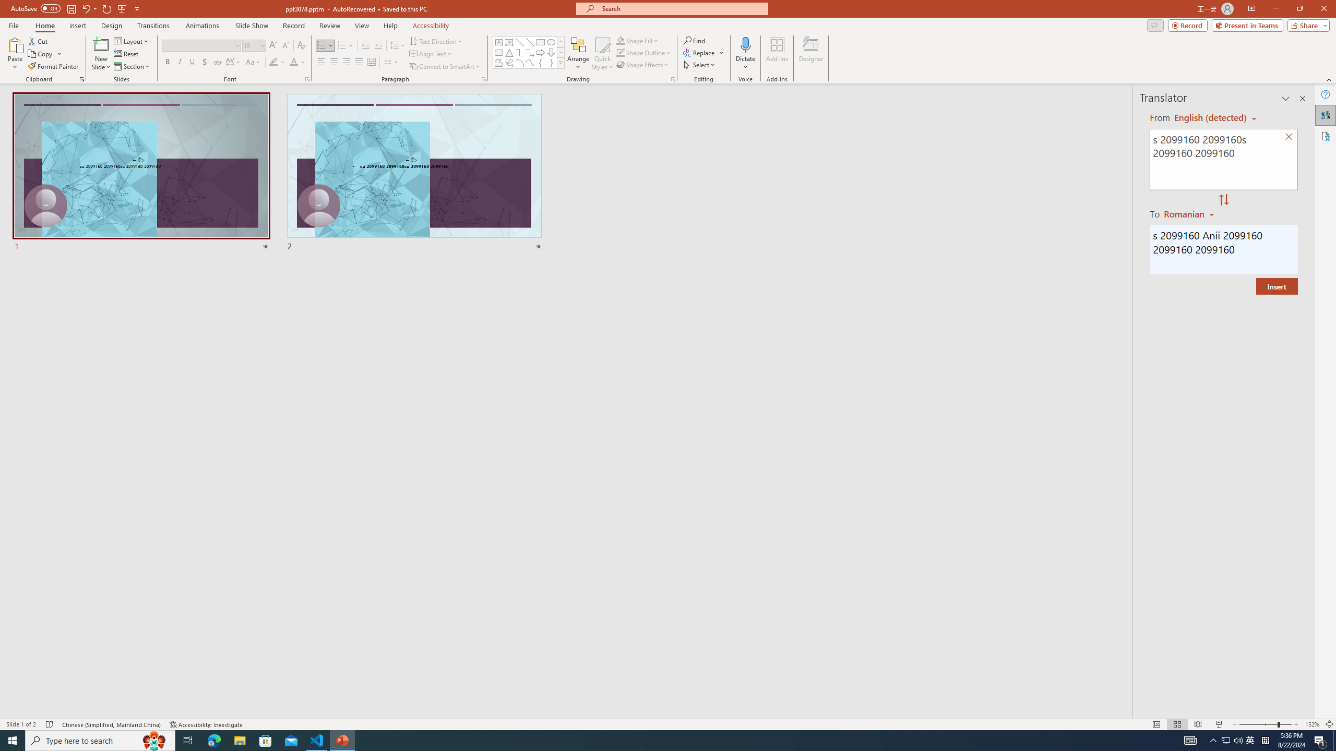 The image size is (1336, 751). I want to click on 'Zoom 152%', so click(1313, 724).